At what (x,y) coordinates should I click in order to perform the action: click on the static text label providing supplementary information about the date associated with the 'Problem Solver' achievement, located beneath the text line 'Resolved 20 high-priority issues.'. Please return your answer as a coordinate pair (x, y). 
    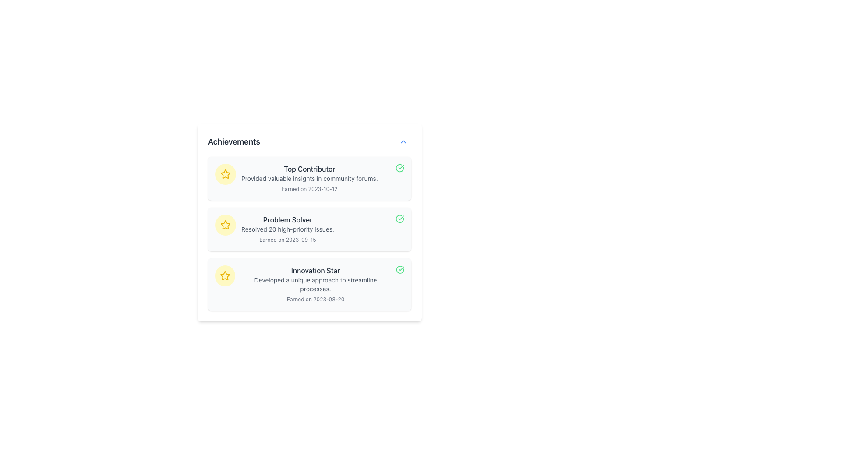
    Looking at the image, I should click on (288, 240).